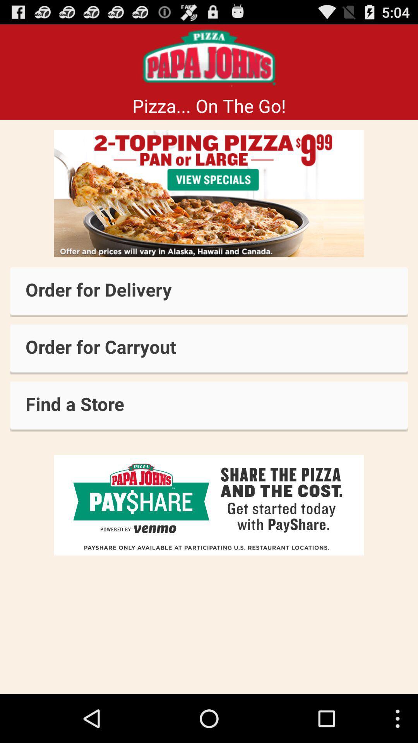 Image resolution: width=418 pixels, height=743 pixels. Describe the element at coordinates (209, 406) in the screenshot. I see `the button below order for carryout` at that location.